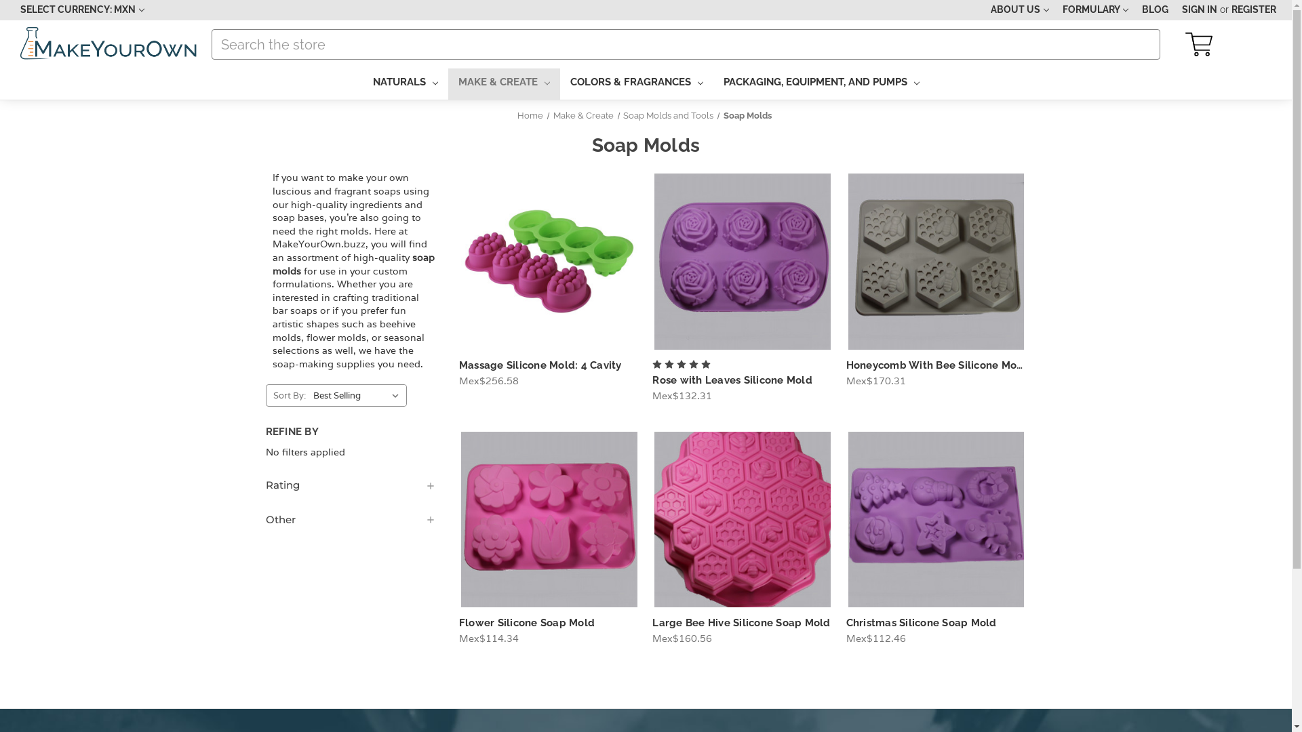 The width and height of the screenshot is (1302, 732). I want to click on 'Home', so click(530, 115).